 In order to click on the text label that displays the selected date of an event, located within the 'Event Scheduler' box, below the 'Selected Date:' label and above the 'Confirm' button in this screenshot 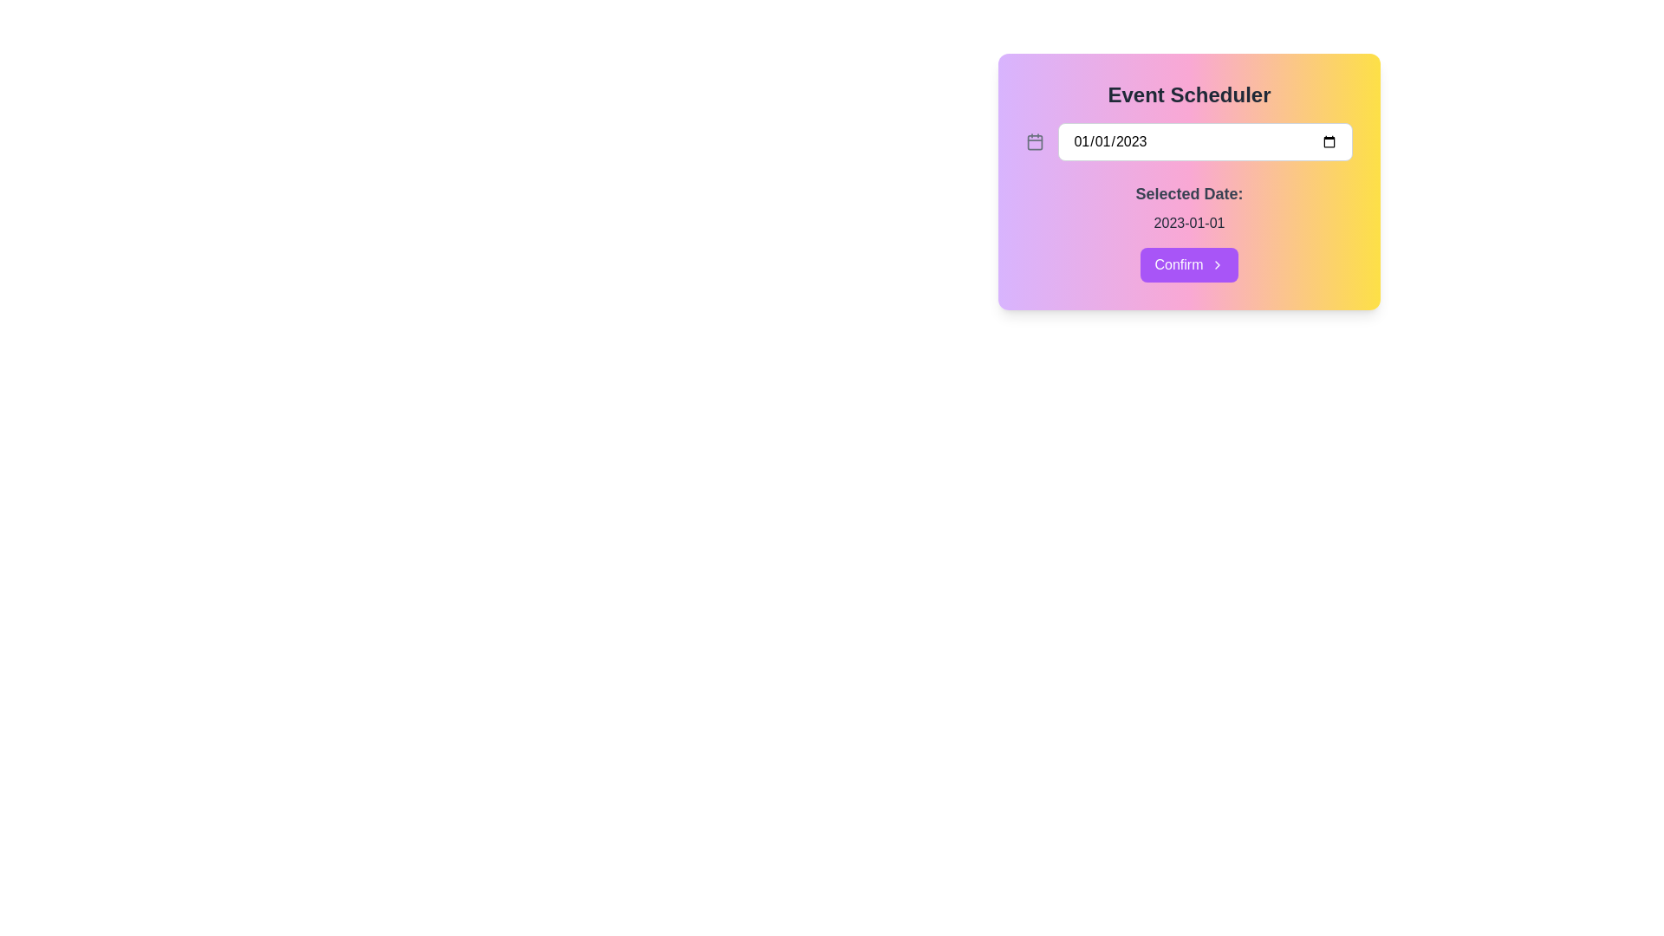, I will do `click(1188, 223)`.